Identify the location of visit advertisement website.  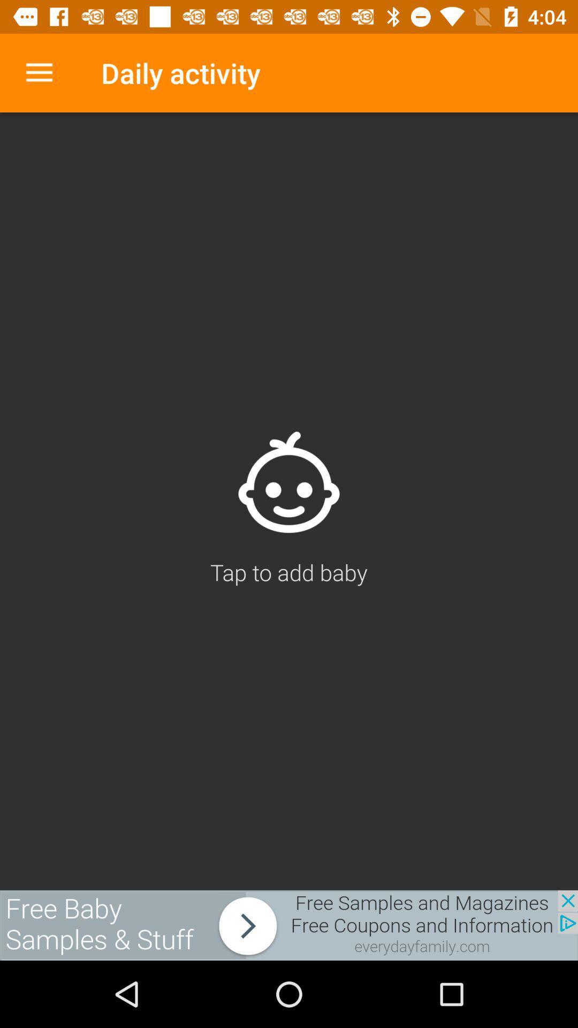
(289, 925).